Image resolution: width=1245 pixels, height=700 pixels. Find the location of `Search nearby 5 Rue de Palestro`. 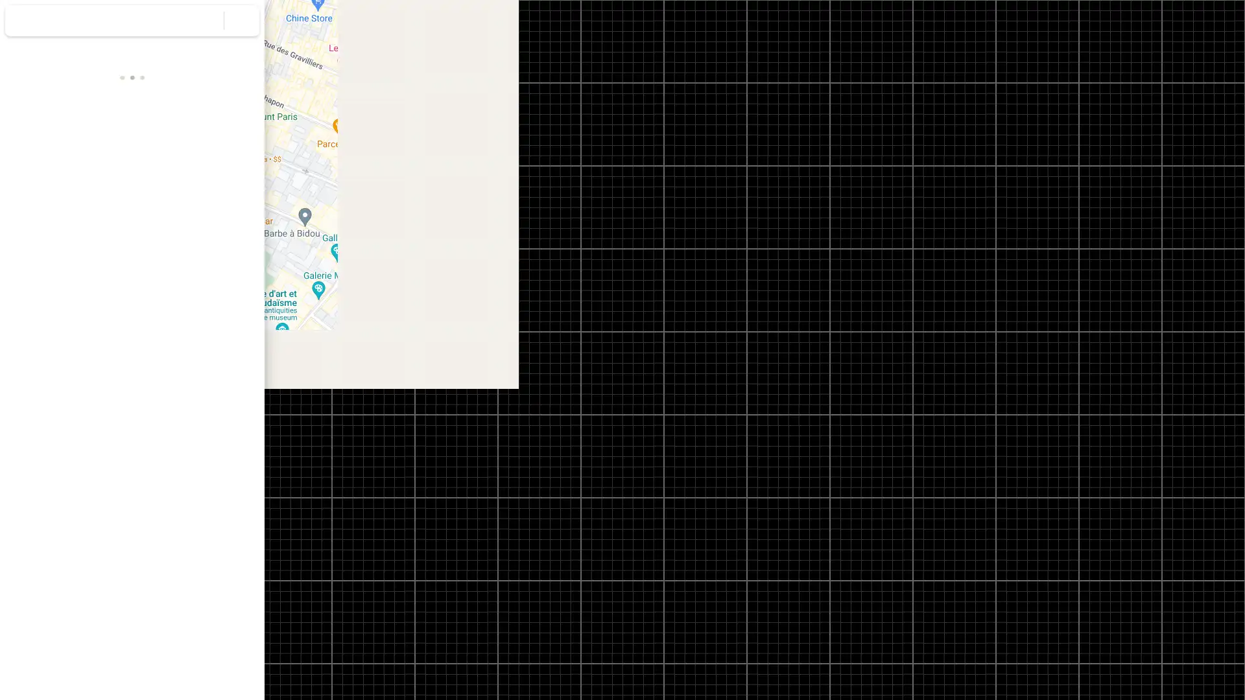

Search nearby 5 Rue de Palestro is located at coordinates (132, 222).